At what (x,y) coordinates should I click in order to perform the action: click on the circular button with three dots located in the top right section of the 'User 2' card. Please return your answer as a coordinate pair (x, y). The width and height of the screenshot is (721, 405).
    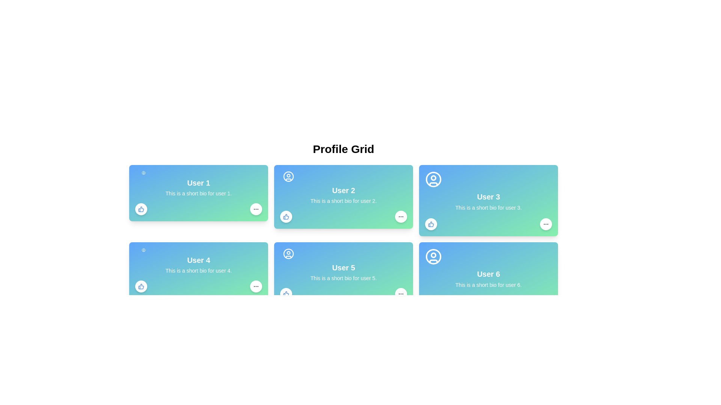
    Looking at the image, I should click on (401, 217).